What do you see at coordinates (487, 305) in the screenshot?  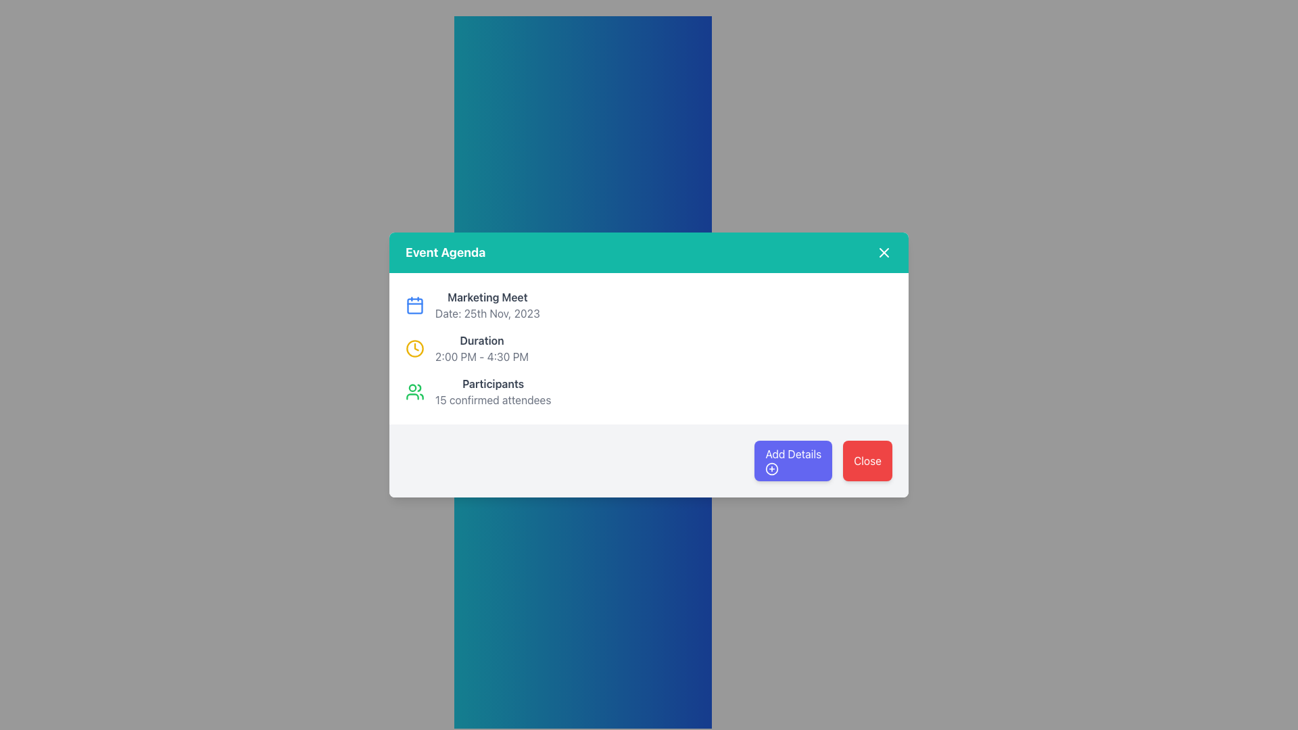 I see `the text block displaying 'Marketing Meet' with the description 'Date: 25th Nov, 2023', located in the 'Event Agenda' card` at bounding box center [487, 305].